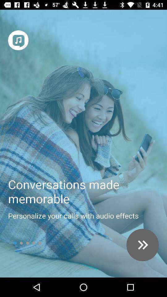 The height and width of the screenshot is (297, 167). Describe the element at coordinates (143, 245) in the screenshot. I see `the av_forward icon` at that location.